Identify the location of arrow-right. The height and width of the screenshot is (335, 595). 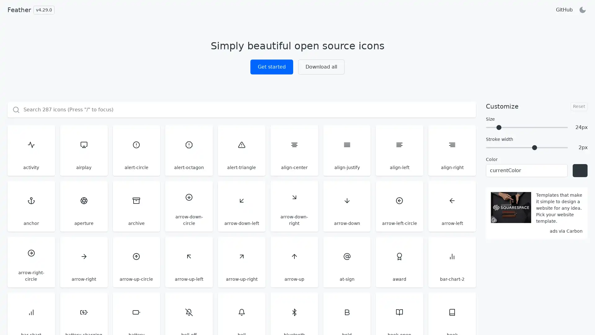
(83, 262).